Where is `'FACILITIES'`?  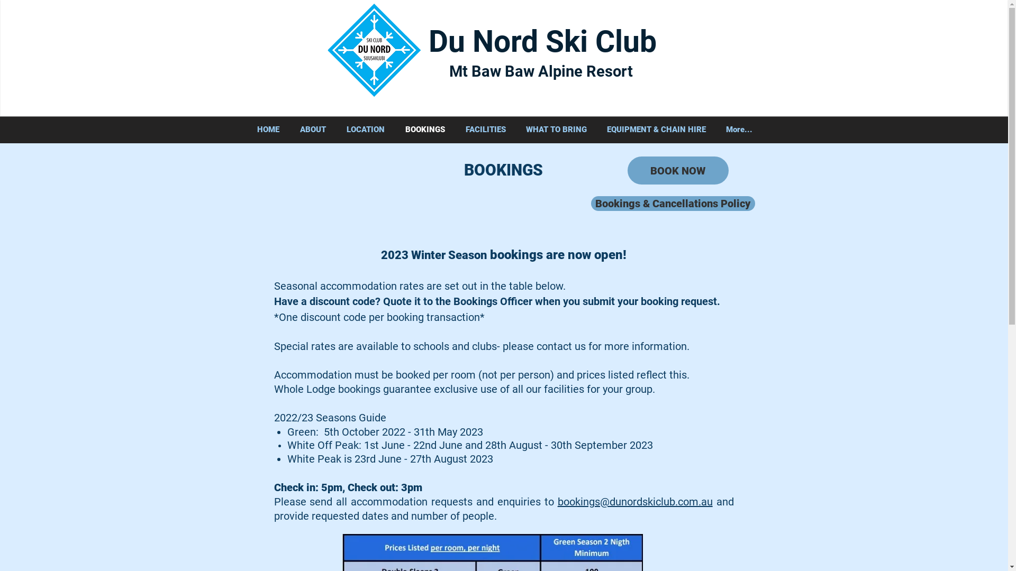
'FACILITIES' is located at coordinates (484, 129).